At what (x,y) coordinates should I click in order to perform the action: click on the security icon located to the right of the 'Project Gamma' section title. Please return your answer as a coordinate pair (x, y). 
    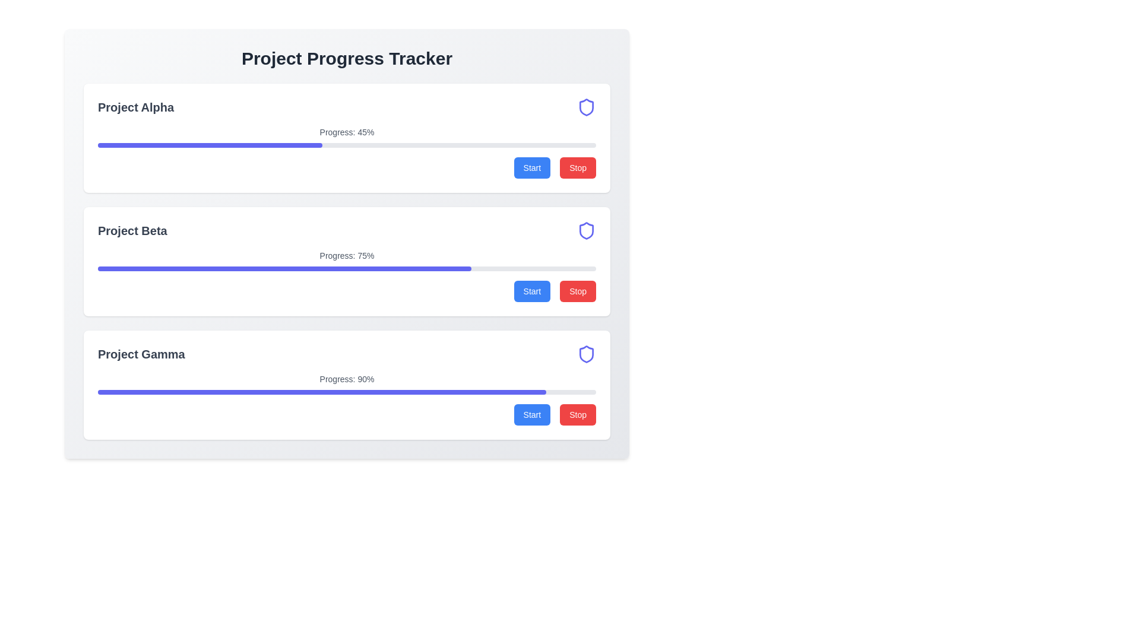
    Looking at the image, I should click on (587, 354).